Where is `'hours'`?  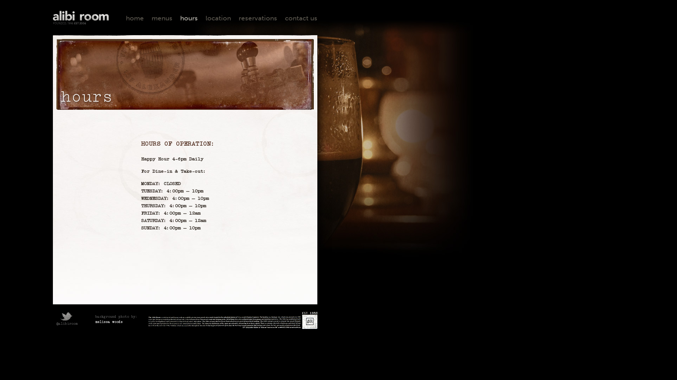 'hours' is located at coordinates (189, 18).